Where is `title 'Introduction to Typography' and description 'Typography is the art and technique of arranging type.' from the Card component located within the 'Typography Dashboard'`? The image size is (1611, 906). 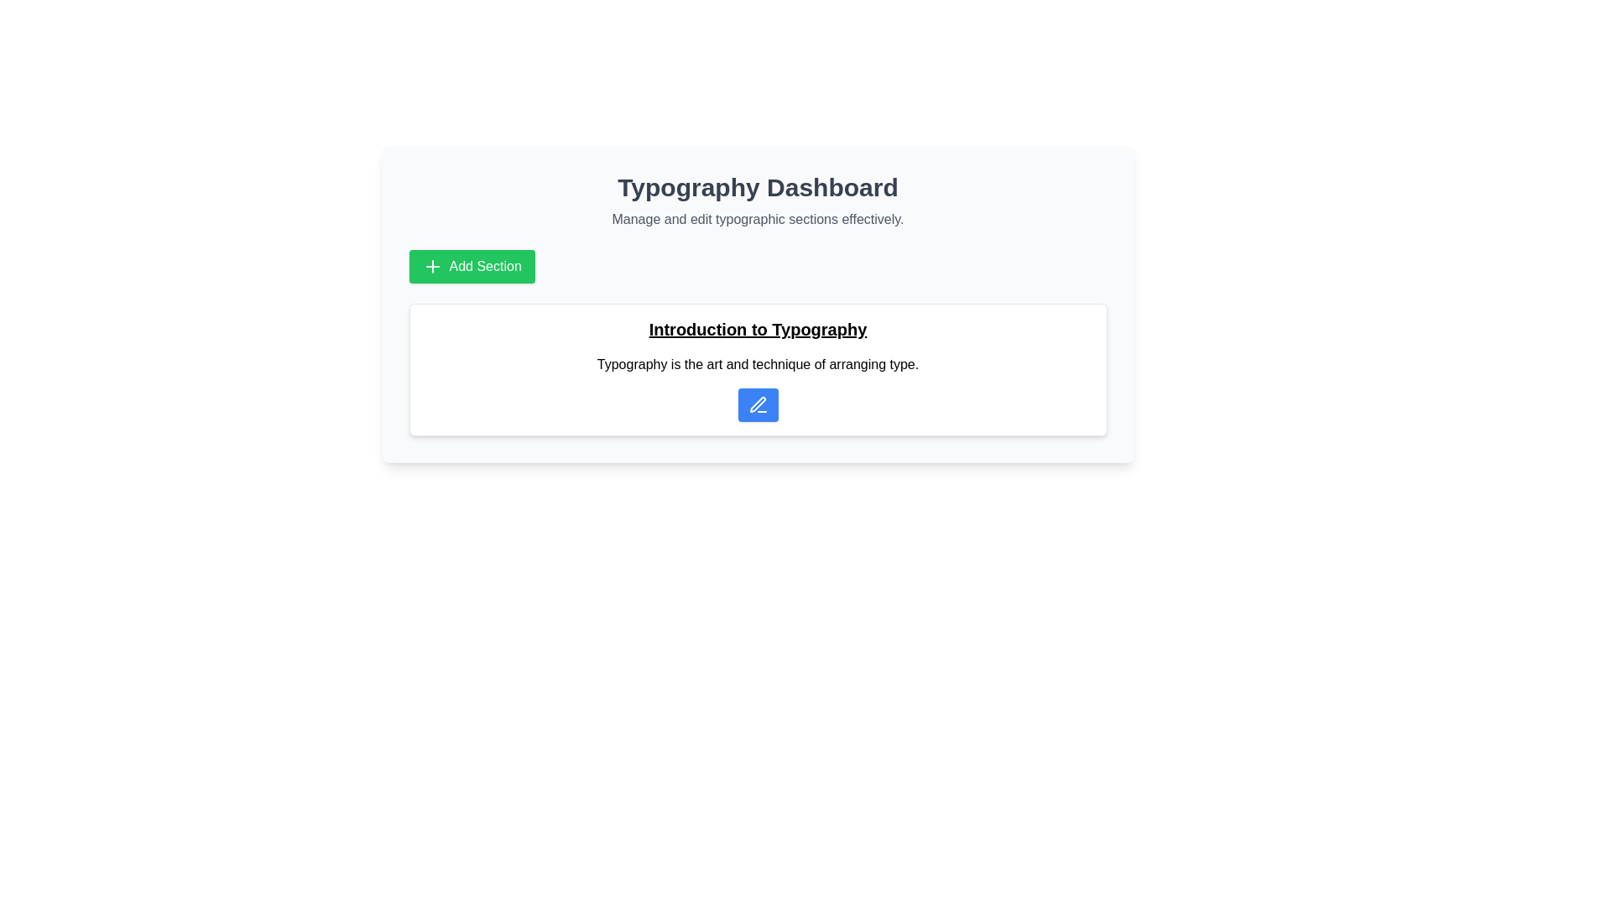 title 'Introduction to Typography' and description 'Typography is the art and technique of arranging type.' from the Card component located within the 'Typography Dashboard' is located at coordinates (757, 368).